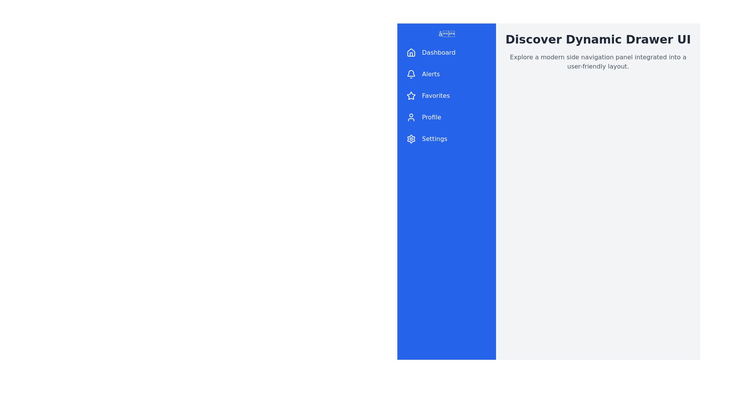 This screenshot has height=416, width=740. I want to click on the compact white text label located at the top of the vertical blue navigation bar, so click(446, 34).